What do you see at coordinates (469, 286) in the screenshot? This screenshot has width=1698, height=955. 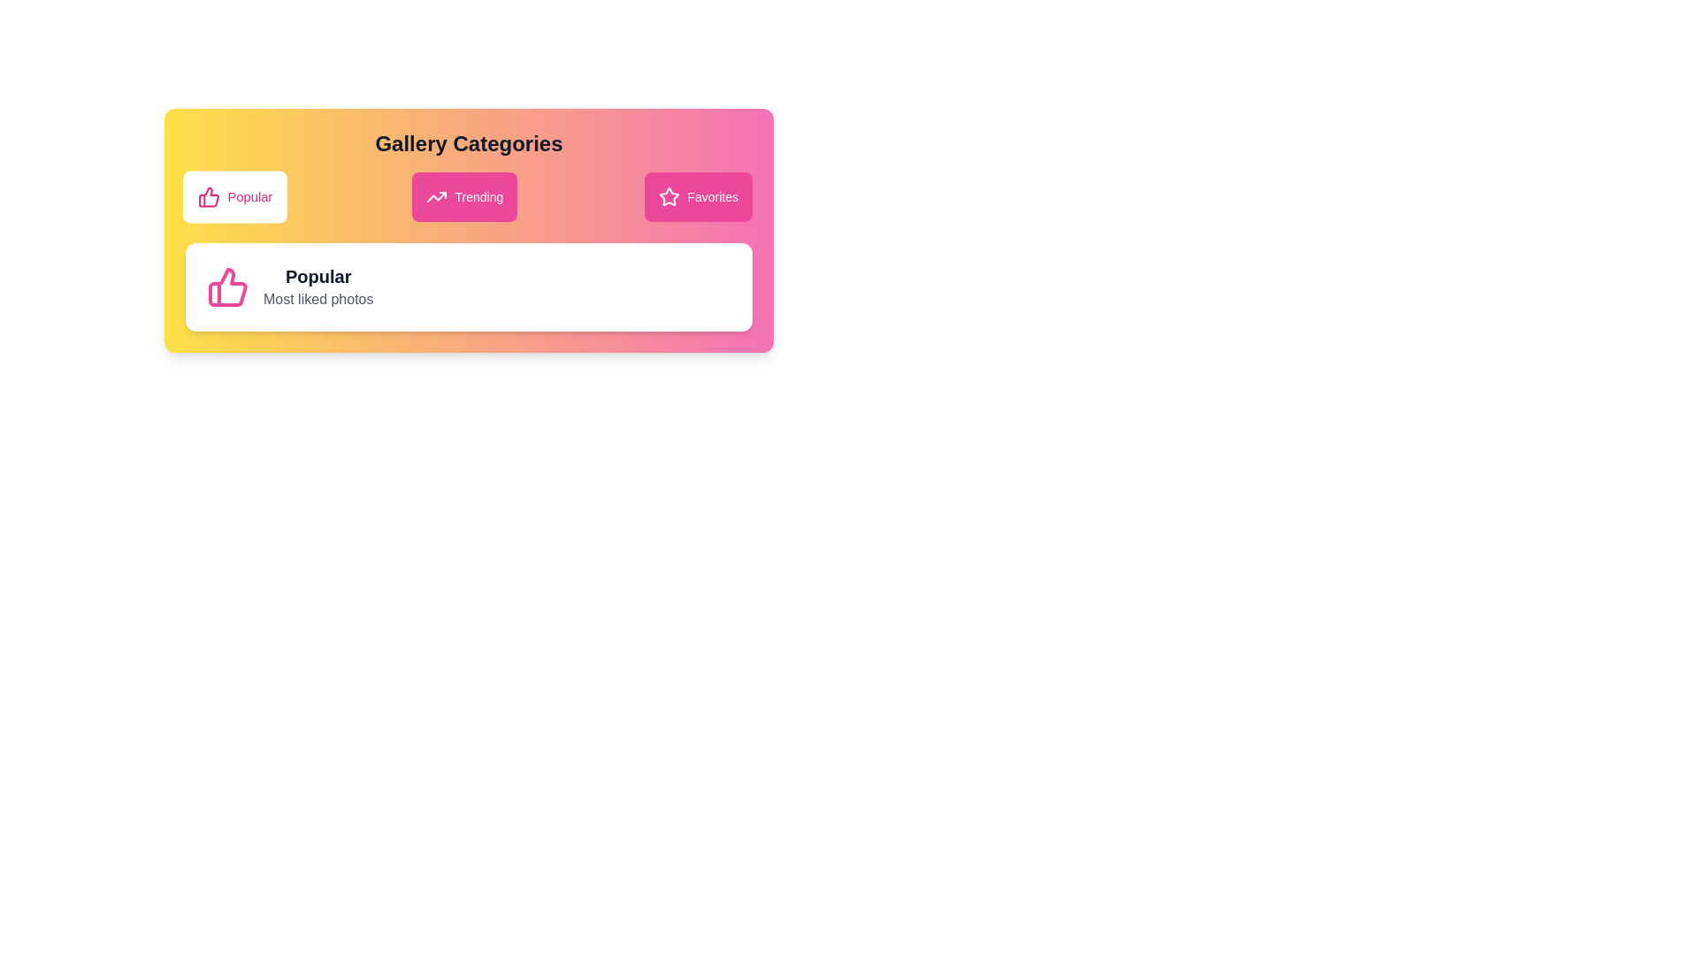 I see `the content of the 'Popular' label section, which indicates the most liked photos and includes a thumbs-up icon and textual content` at bounding box center [469, 286].